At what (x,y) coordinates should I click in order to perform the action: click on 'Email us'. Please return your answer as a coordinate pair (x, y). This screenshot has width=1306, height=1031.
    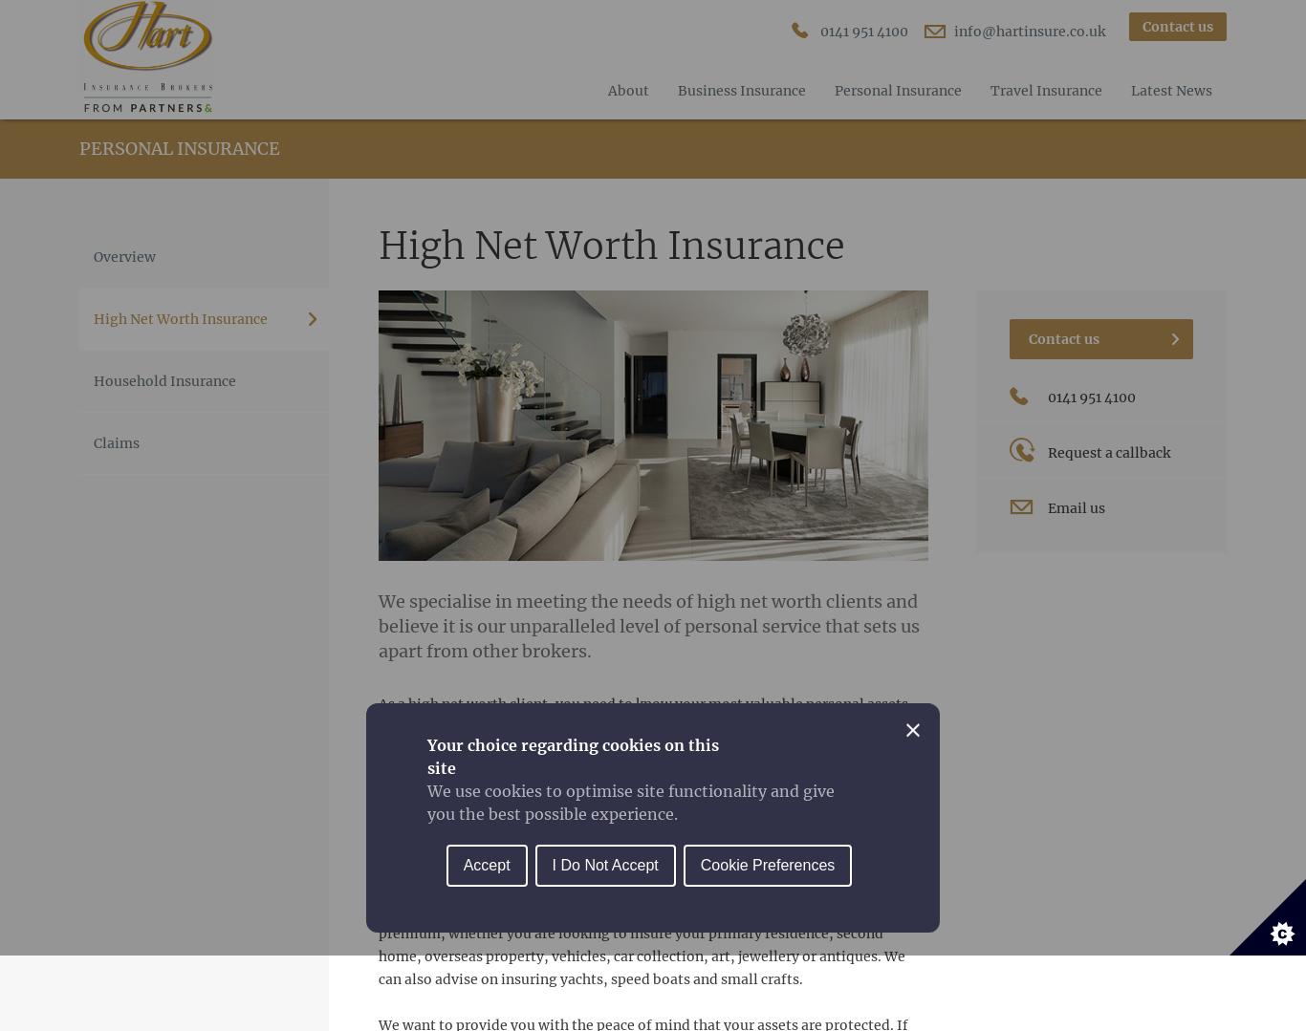
    Looking at the image, I should click on (1075, 507).